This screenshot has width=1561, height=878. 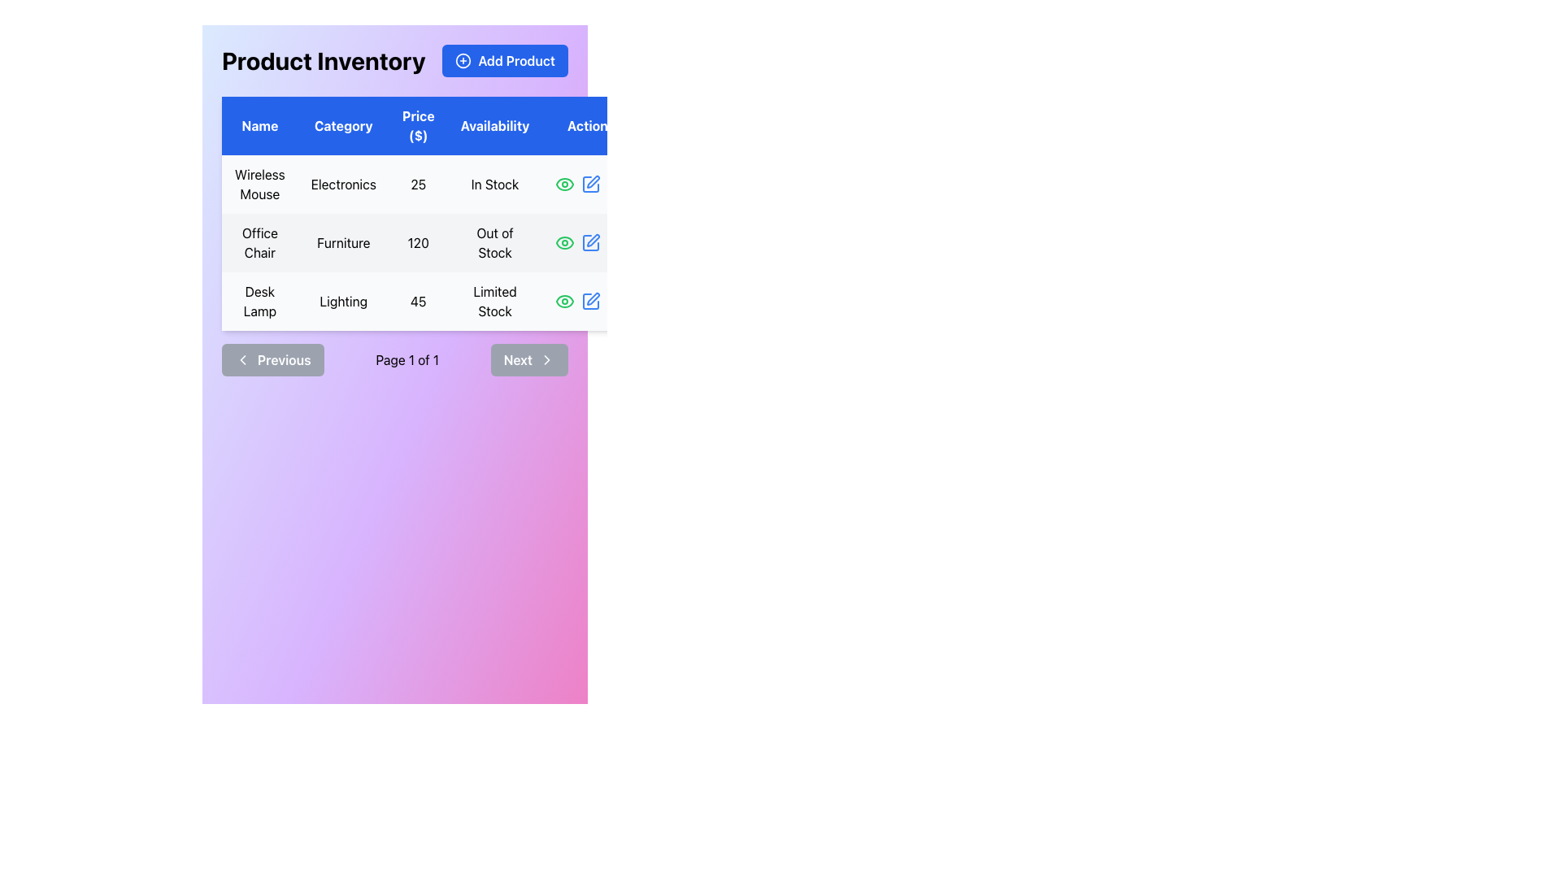 What do you see at coordinates (259, 243) in the screenshot?
I see `the text label displaying 'Office Chair' which is styled with padding and centered alignment, located in the first column of the second row of the table` at bounding box center [259, 243].